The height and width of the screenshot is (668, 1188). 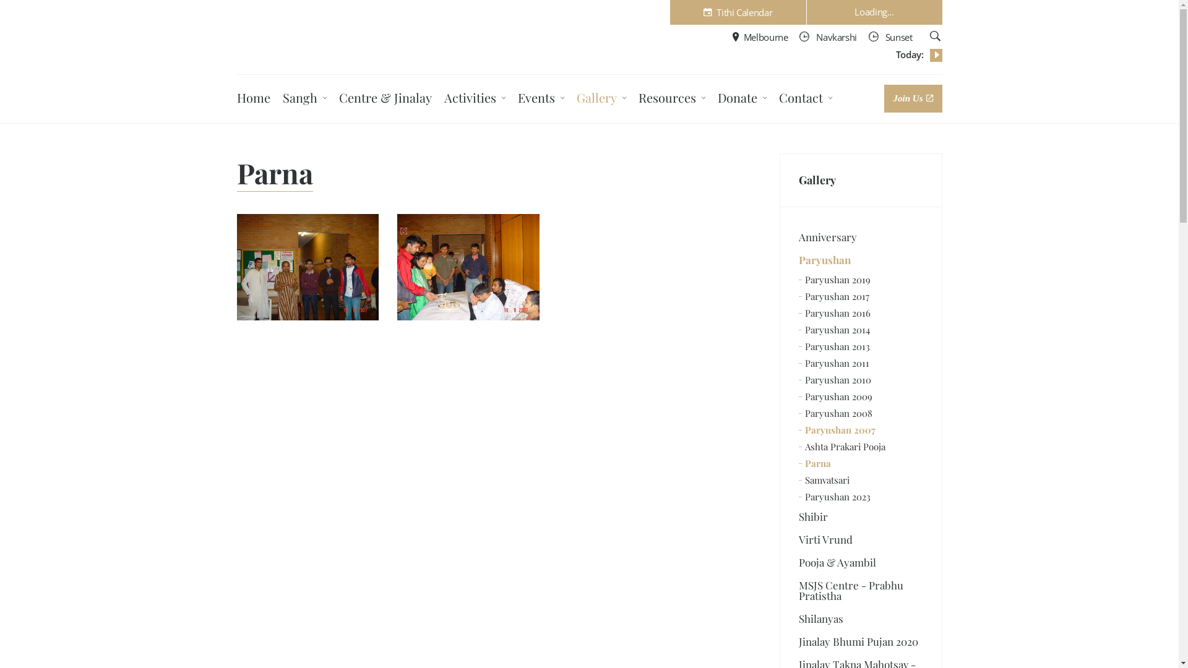 I want to click on 'Paryushan 2007', so click(x=860, y=429).